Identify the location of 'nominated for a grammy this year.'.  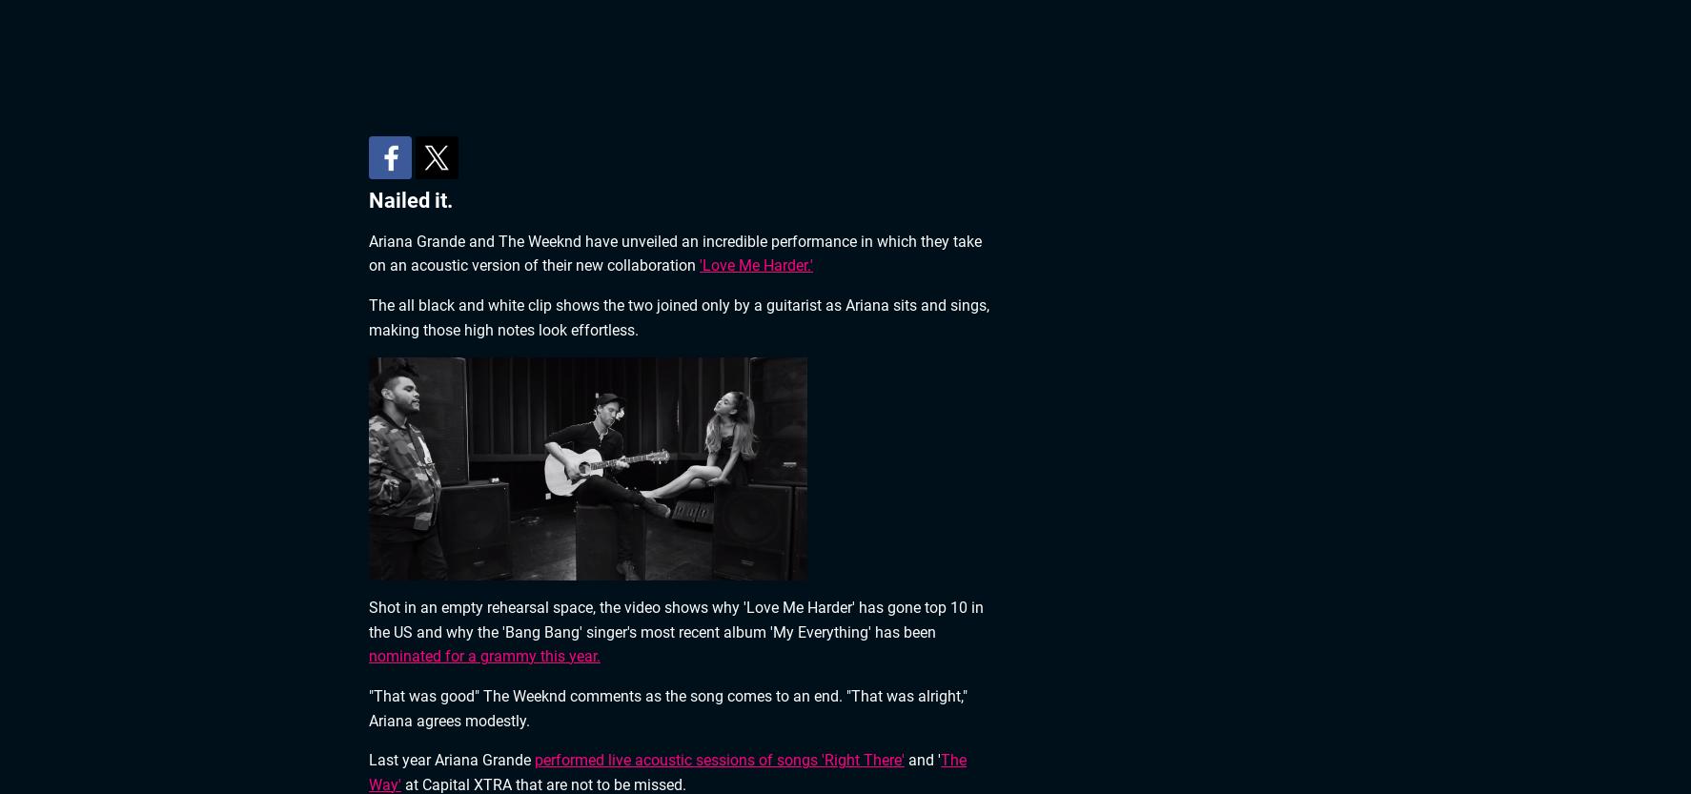
(484, 655).